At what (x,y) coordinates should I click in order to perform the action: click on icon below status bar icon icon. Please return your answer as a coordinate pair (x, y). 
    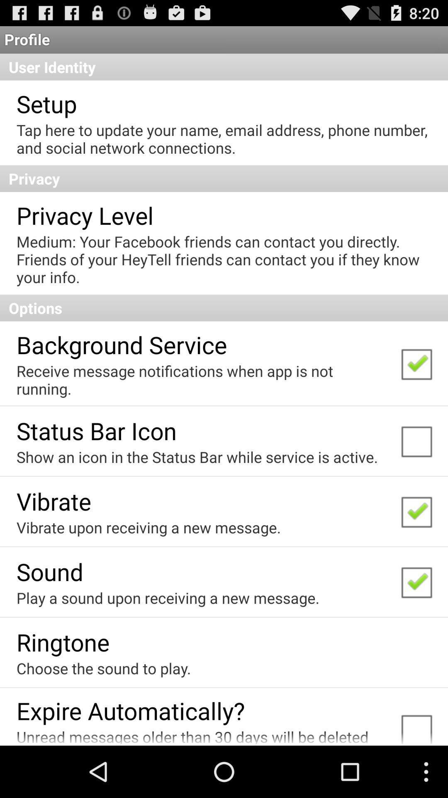
    Looking at the image, I should click on (197, 456).